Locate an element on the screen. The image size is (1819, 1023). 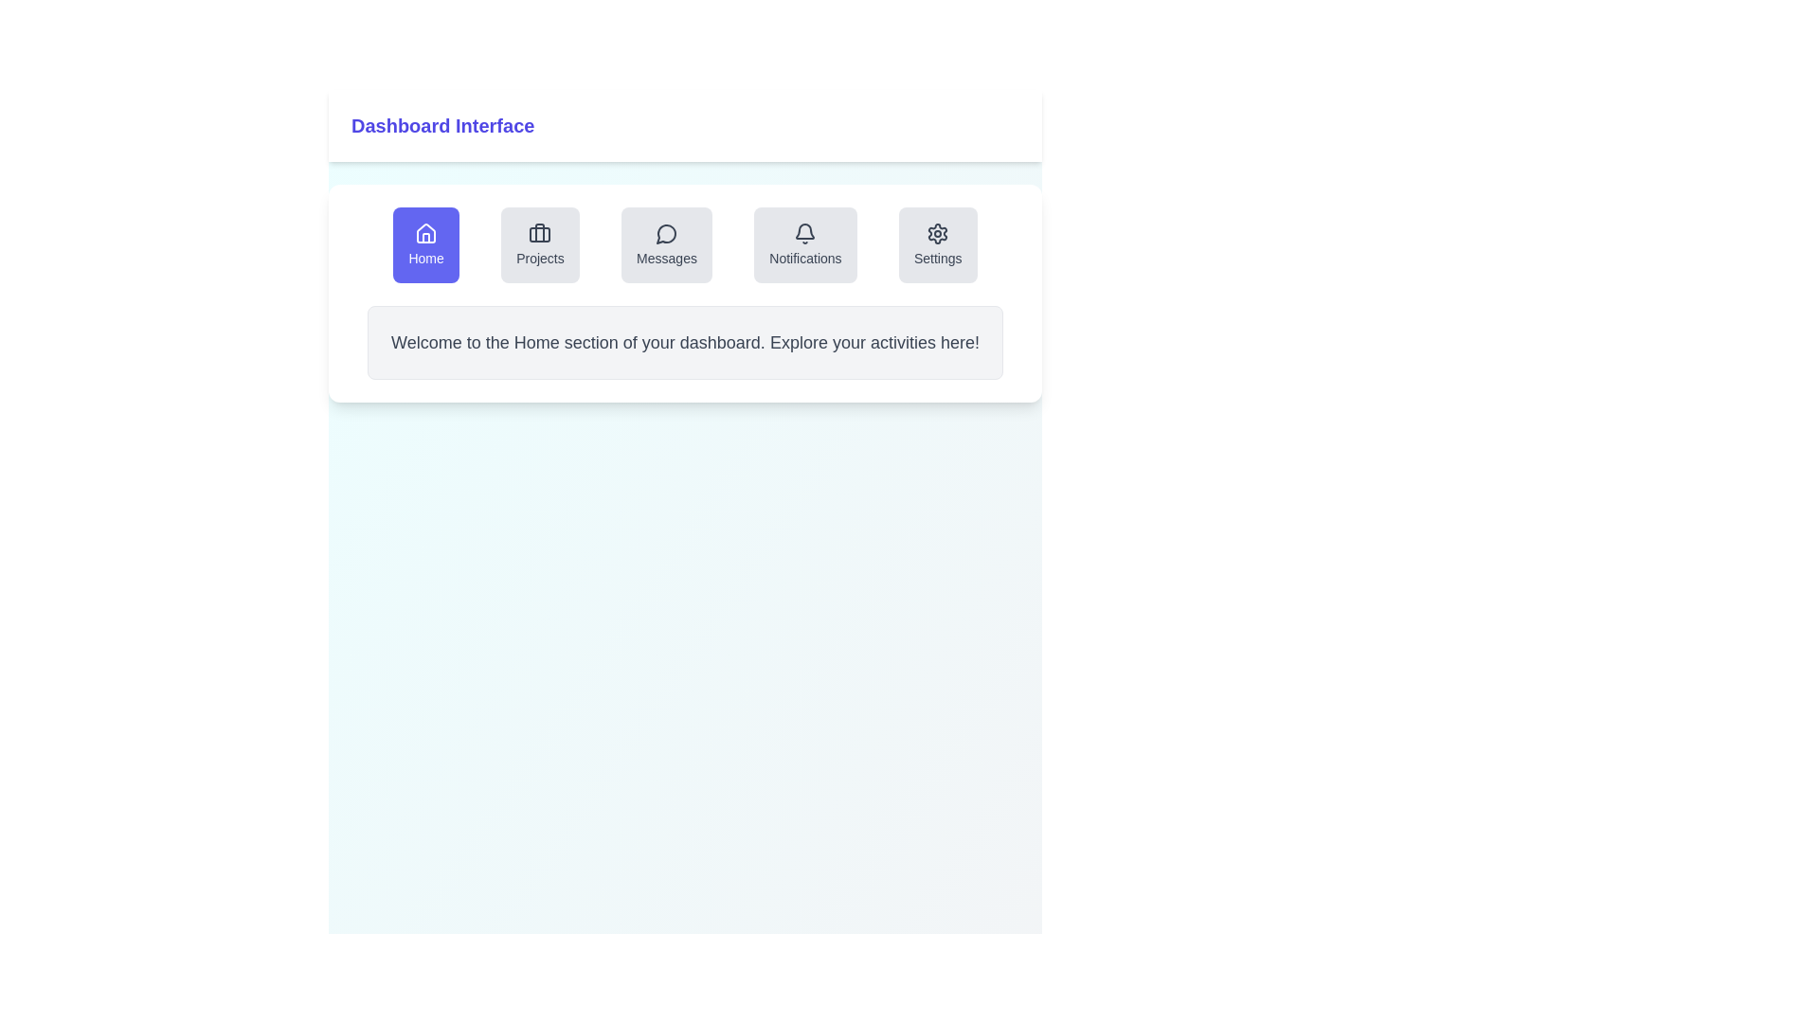
the Notifications button in the navigation bar is located at coordinates (805, 243).